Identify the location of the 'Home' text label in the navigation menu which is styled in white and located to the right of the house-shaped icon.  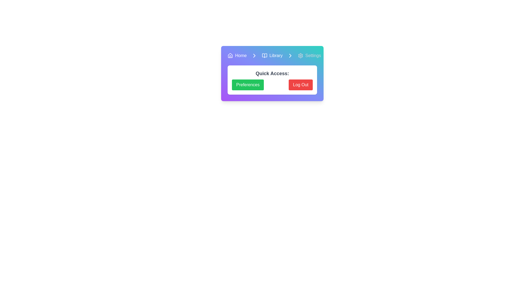
(241, 55).